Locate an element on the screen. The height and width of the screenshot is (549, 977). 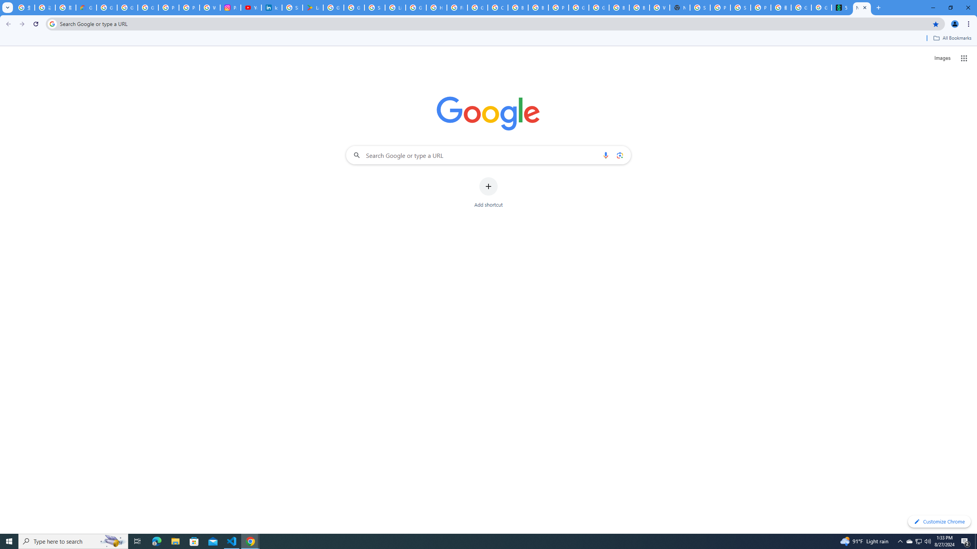
'How do I create a new Google Account? - Google Account Help' is located at coordinates (437, 7).